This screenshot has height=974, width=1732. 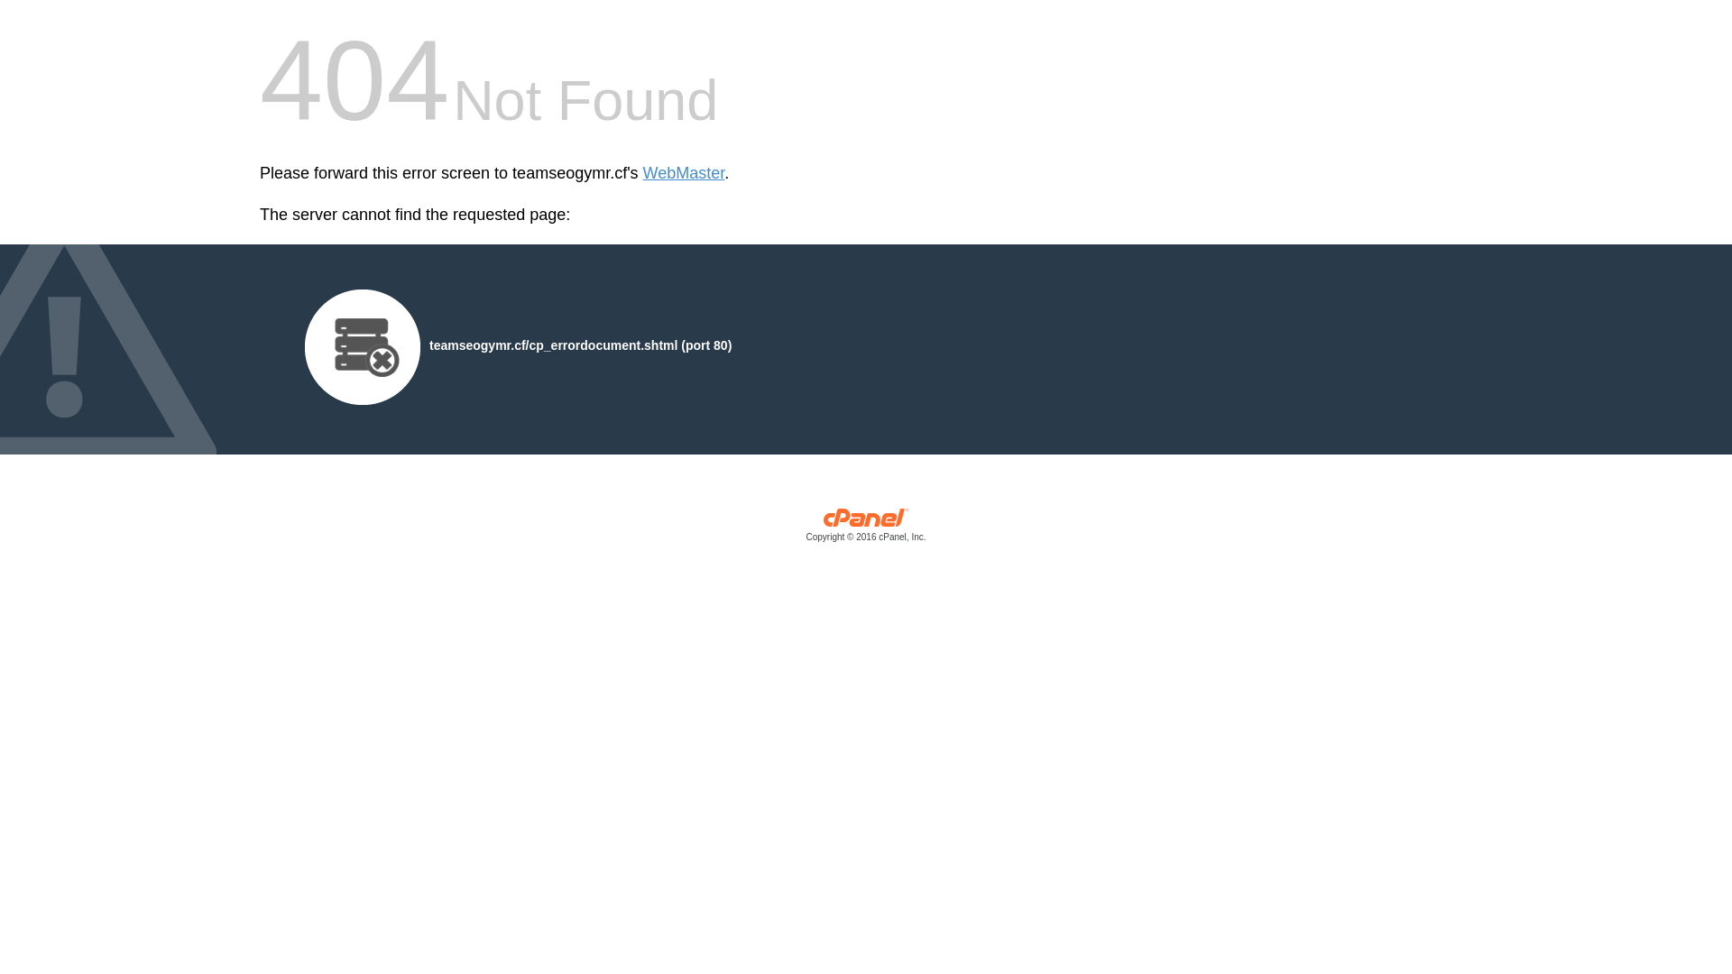 I want to click on 'WebMaster', so click(x=643, y=173).